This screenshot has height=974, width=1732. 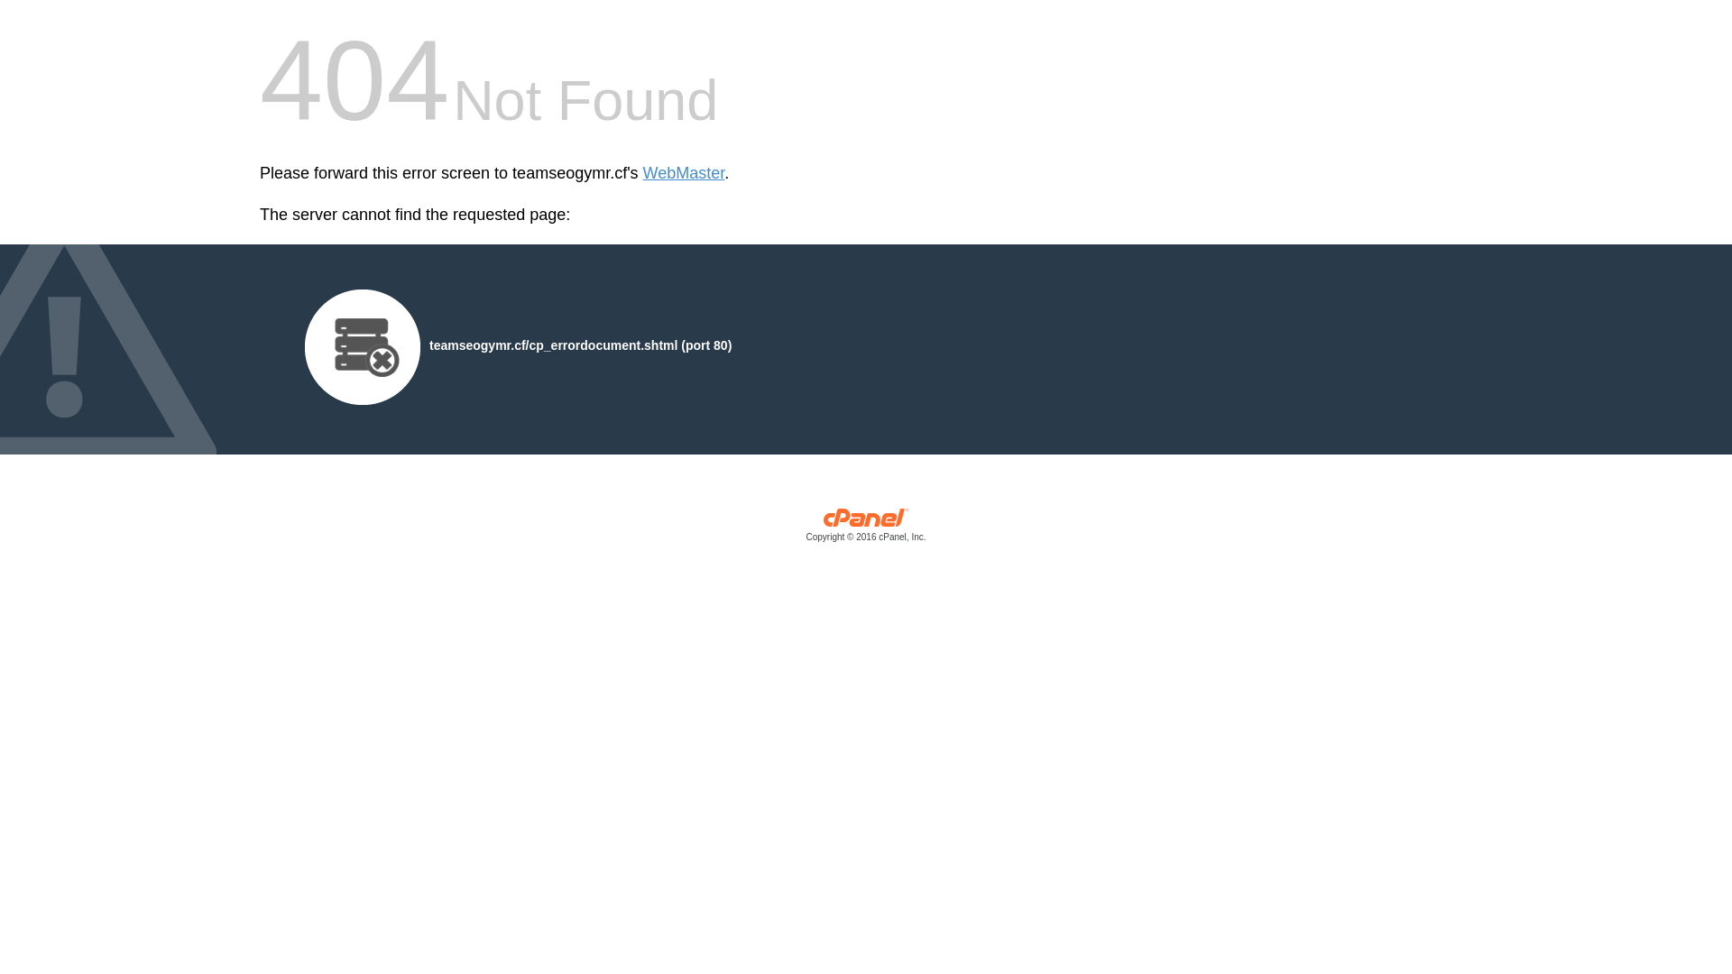 I want to click on 'WebMaster', so click(x=643, y=173).